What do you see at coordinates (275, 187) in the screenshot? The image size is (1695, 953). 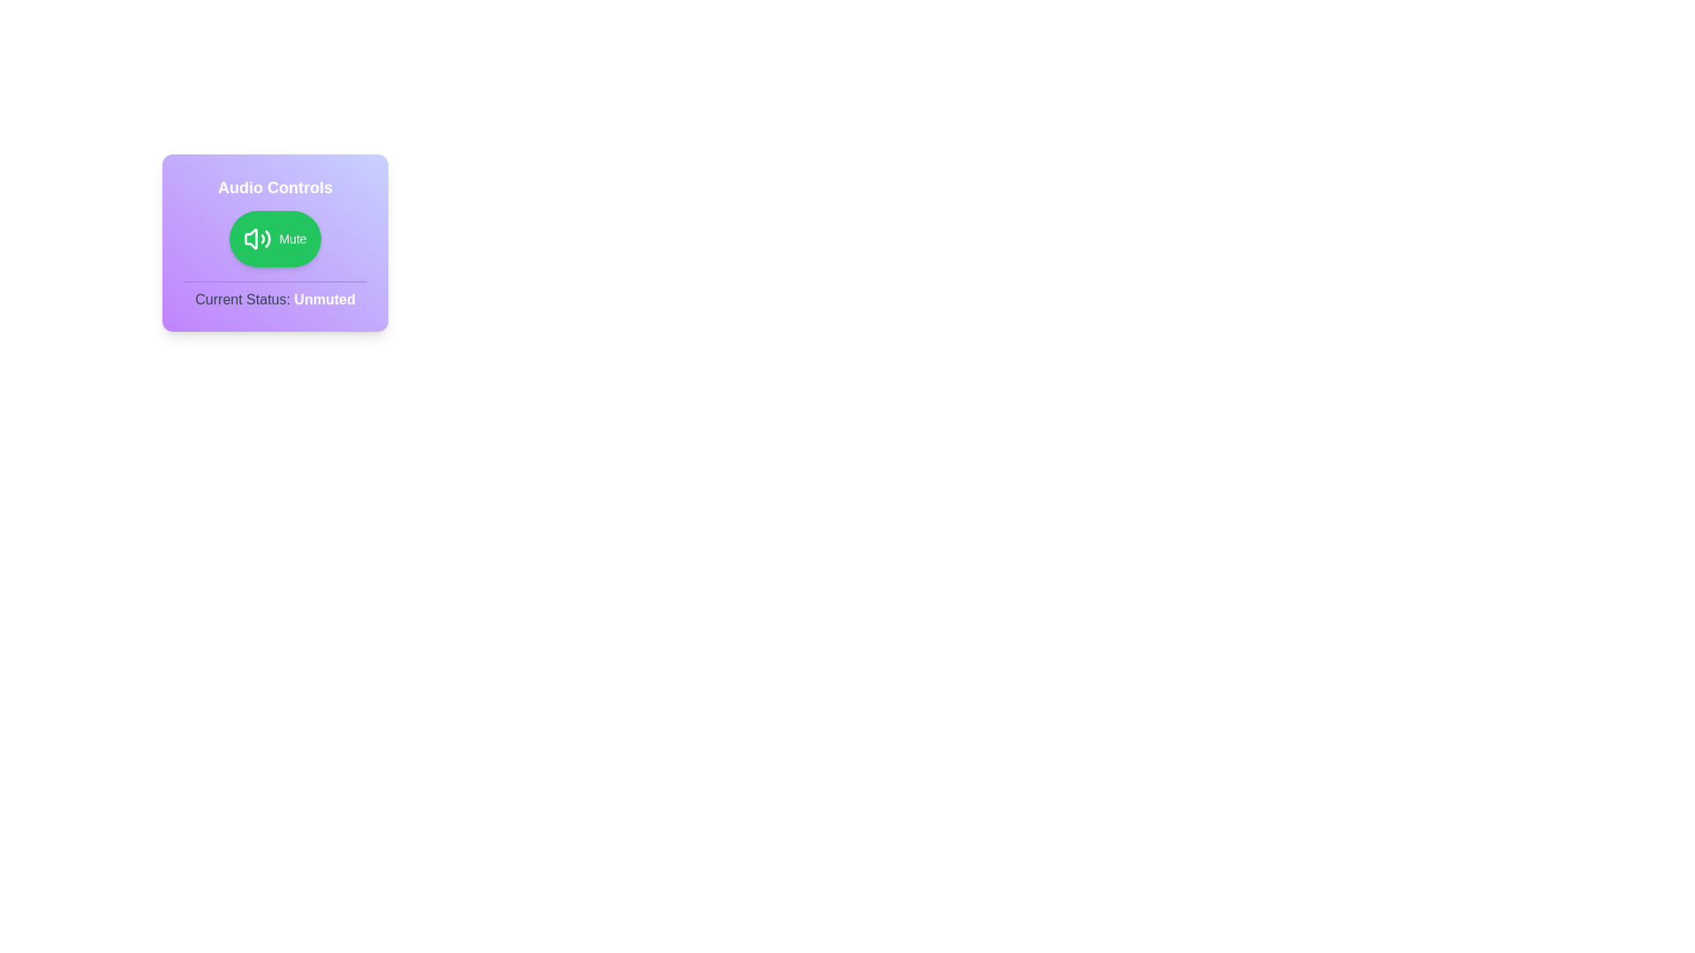 I see `the center of the title text 'Audio Controls' to focus on it` at bounding box center [275, 187].